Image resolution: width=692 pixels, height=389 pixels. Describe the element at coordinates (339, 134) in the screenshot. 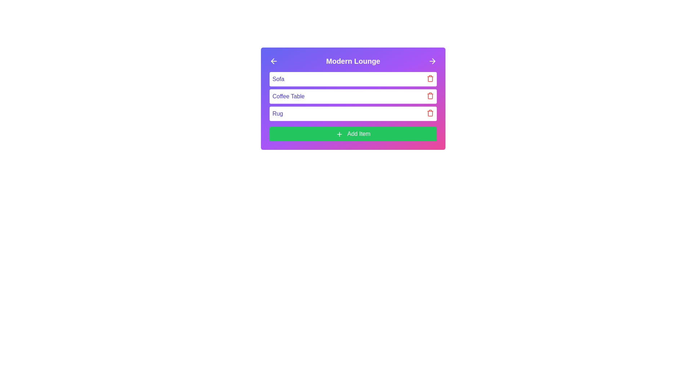

I see `the green plus sign icon within the 'Add Item' button located at the center of the modal box` at that location.